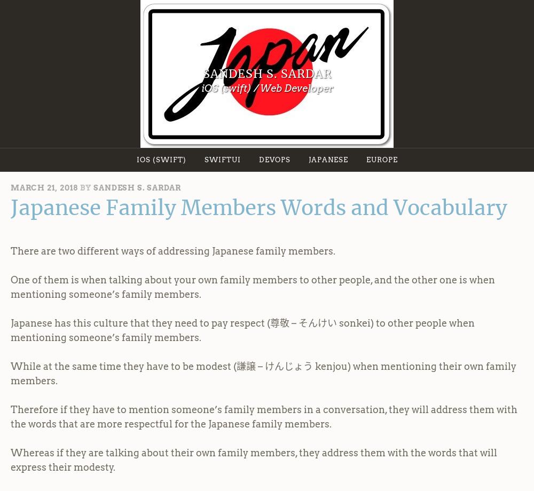  I want to click on 'by', so click(85, 187).